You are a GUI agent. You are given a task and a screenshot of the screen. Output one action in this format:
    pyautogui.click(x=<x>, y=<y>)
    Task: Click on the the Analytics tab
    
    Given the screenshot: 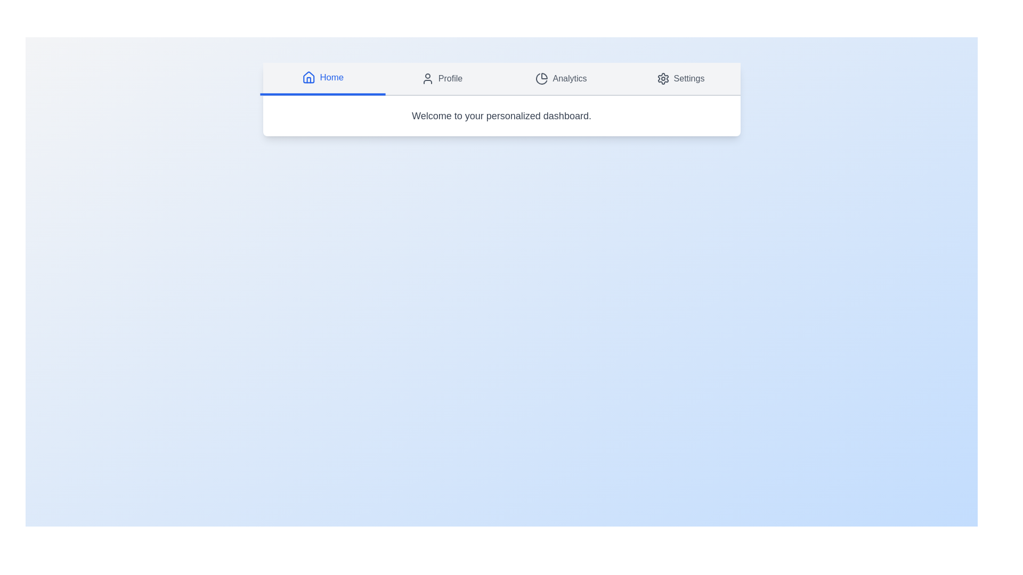 What is the action you would take?
    pyautogui.click(x=561, y=78)
    